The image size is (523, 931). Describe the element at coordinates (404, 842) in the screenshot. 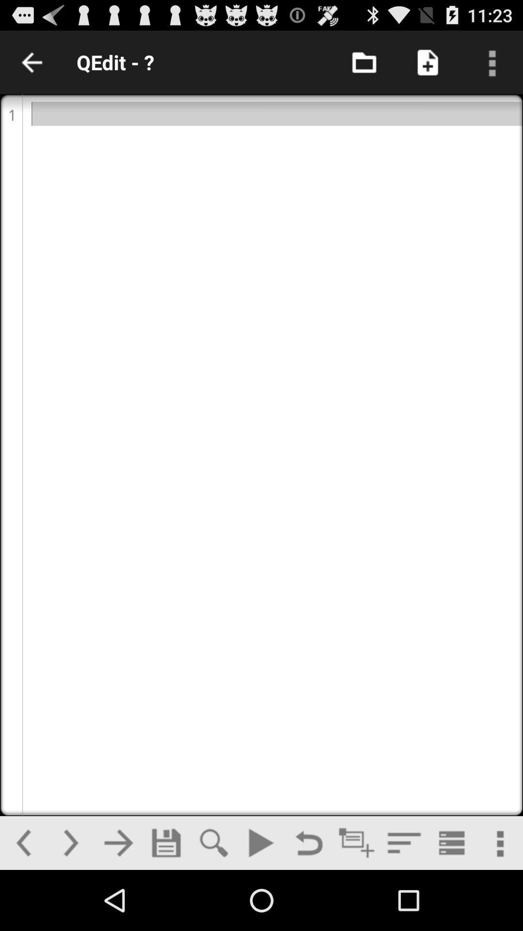

I see `paragraph style` at that location.